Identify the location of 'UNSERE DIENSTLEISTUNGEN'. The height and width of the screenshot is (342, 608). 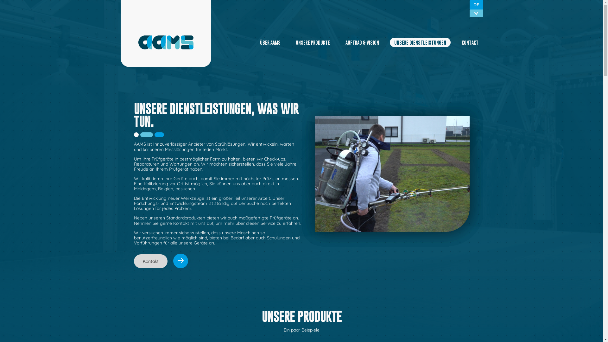
(420, 42).